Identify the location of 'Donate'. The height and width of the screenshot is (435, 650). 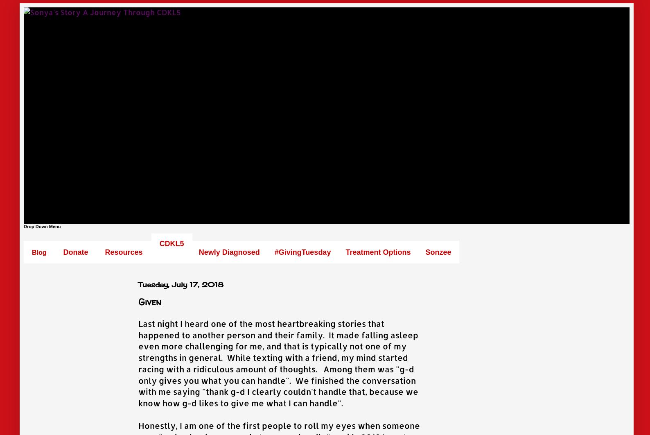
(75, 252).